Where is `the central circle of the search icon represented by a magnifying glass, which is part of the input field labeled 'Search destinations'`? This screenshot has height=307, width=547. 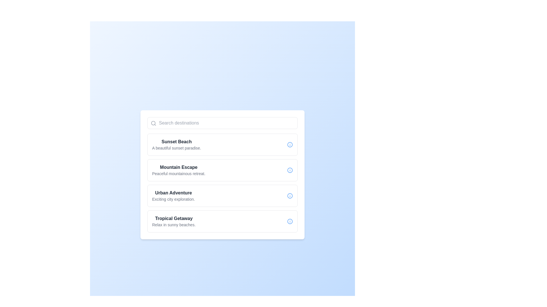 the central circle of the search icon represented by a magnifying glass, which is part of the input field labeled 'Search destinations' is located at coordinates (153, 123).